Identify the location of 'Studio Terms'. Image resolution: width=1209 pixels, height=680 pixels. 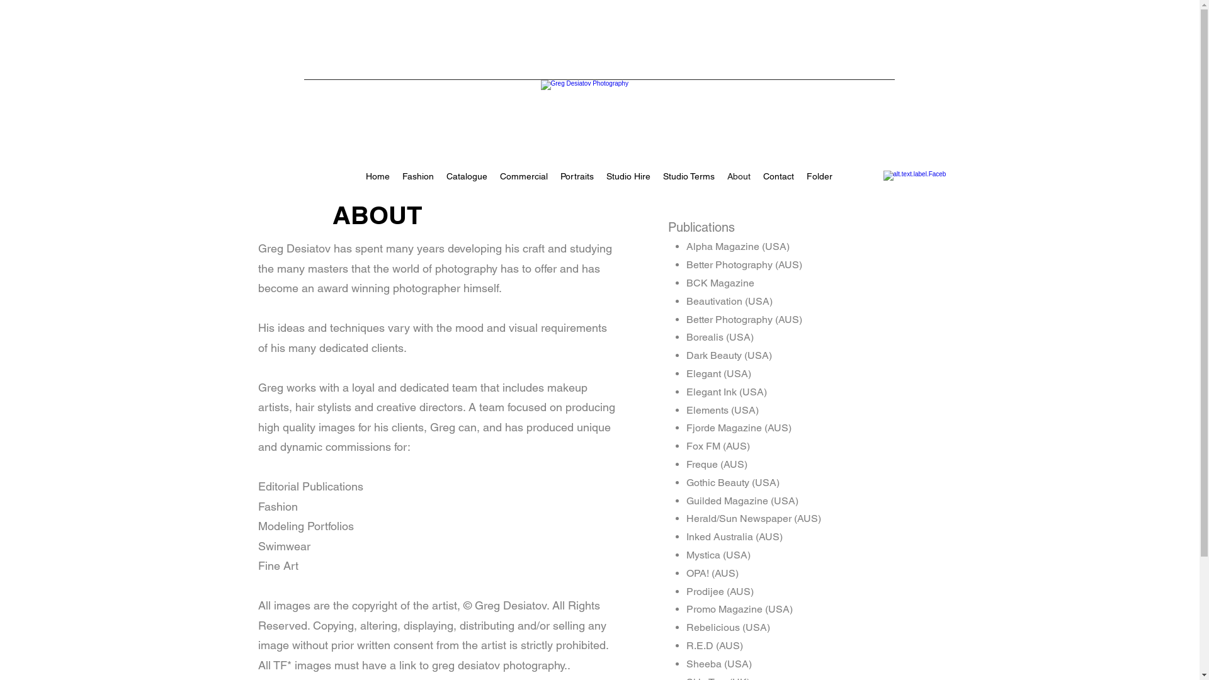
(688, 176).